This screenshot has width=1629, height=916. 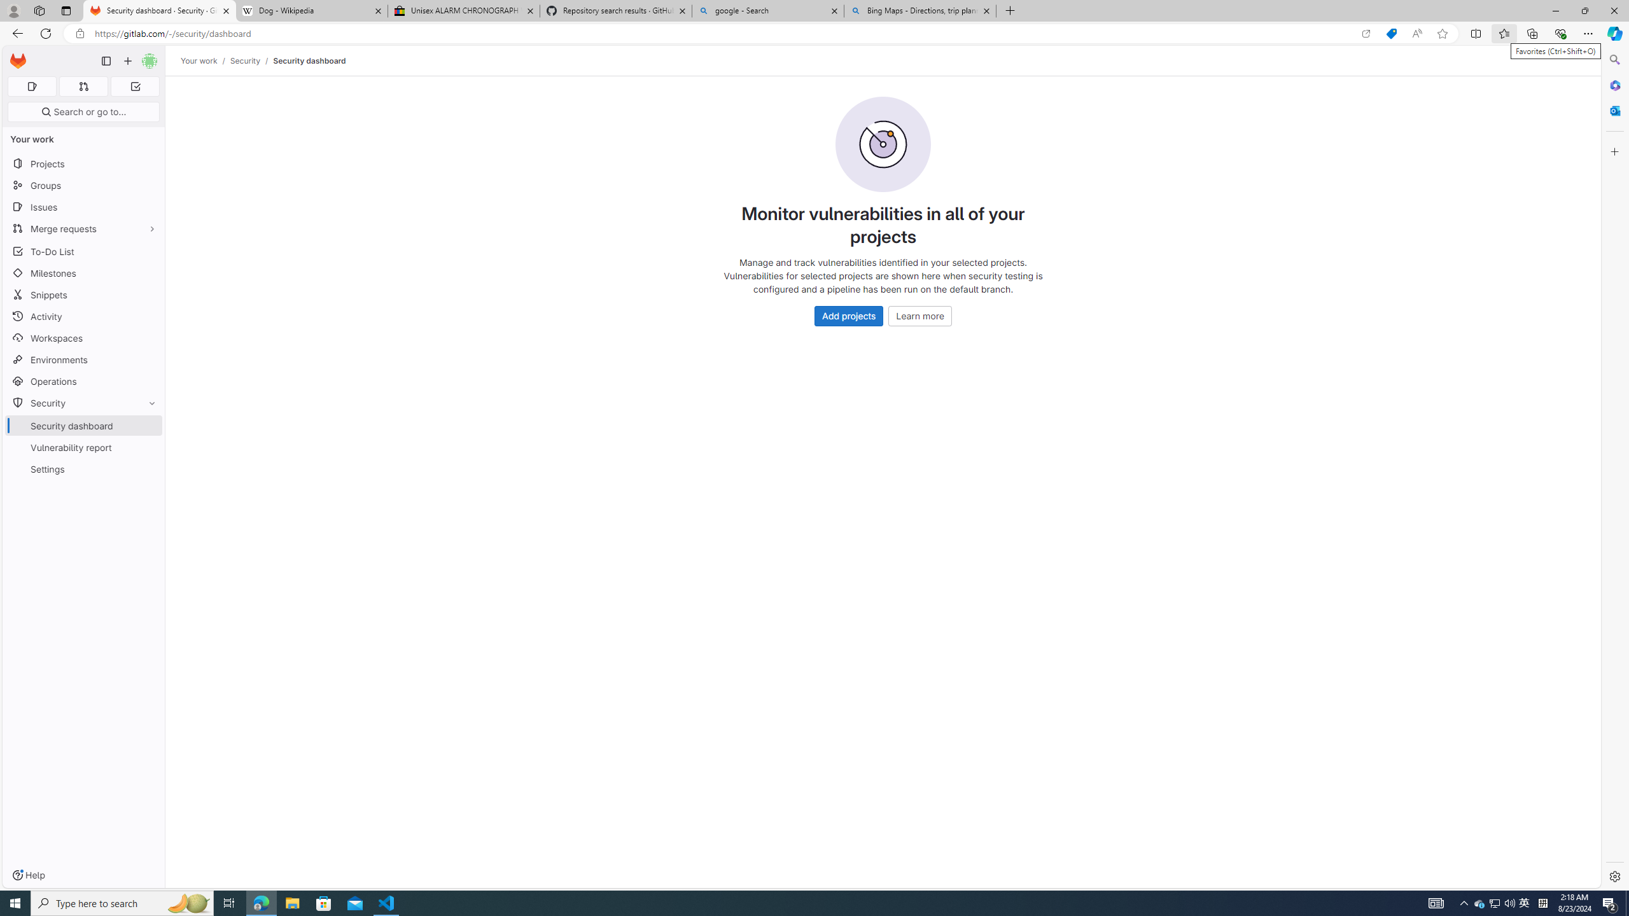 What do you see at coordinates (83, 447) in the screenshot?
I see `'Vulnerability report'` at bounding box center [83, 447].